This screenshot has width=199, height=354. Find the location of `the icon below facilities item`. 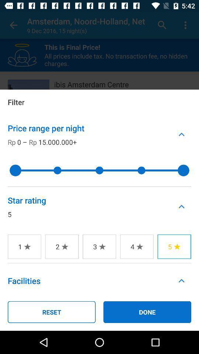

the icon below facilities item is located at coordinates (51, 312).